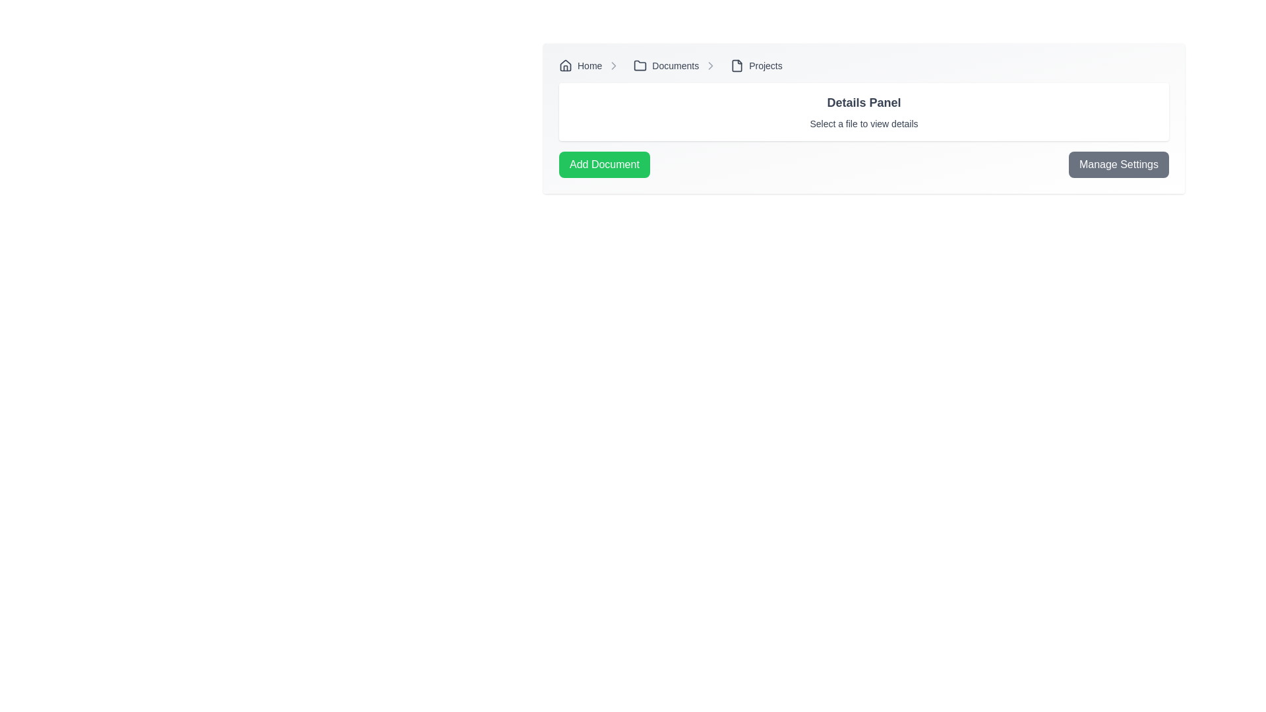  Describe the element at coordinates (678, 66) in the screenshot. I see `the 'Documents' navigation link within the breadcrumb trail` at that location.